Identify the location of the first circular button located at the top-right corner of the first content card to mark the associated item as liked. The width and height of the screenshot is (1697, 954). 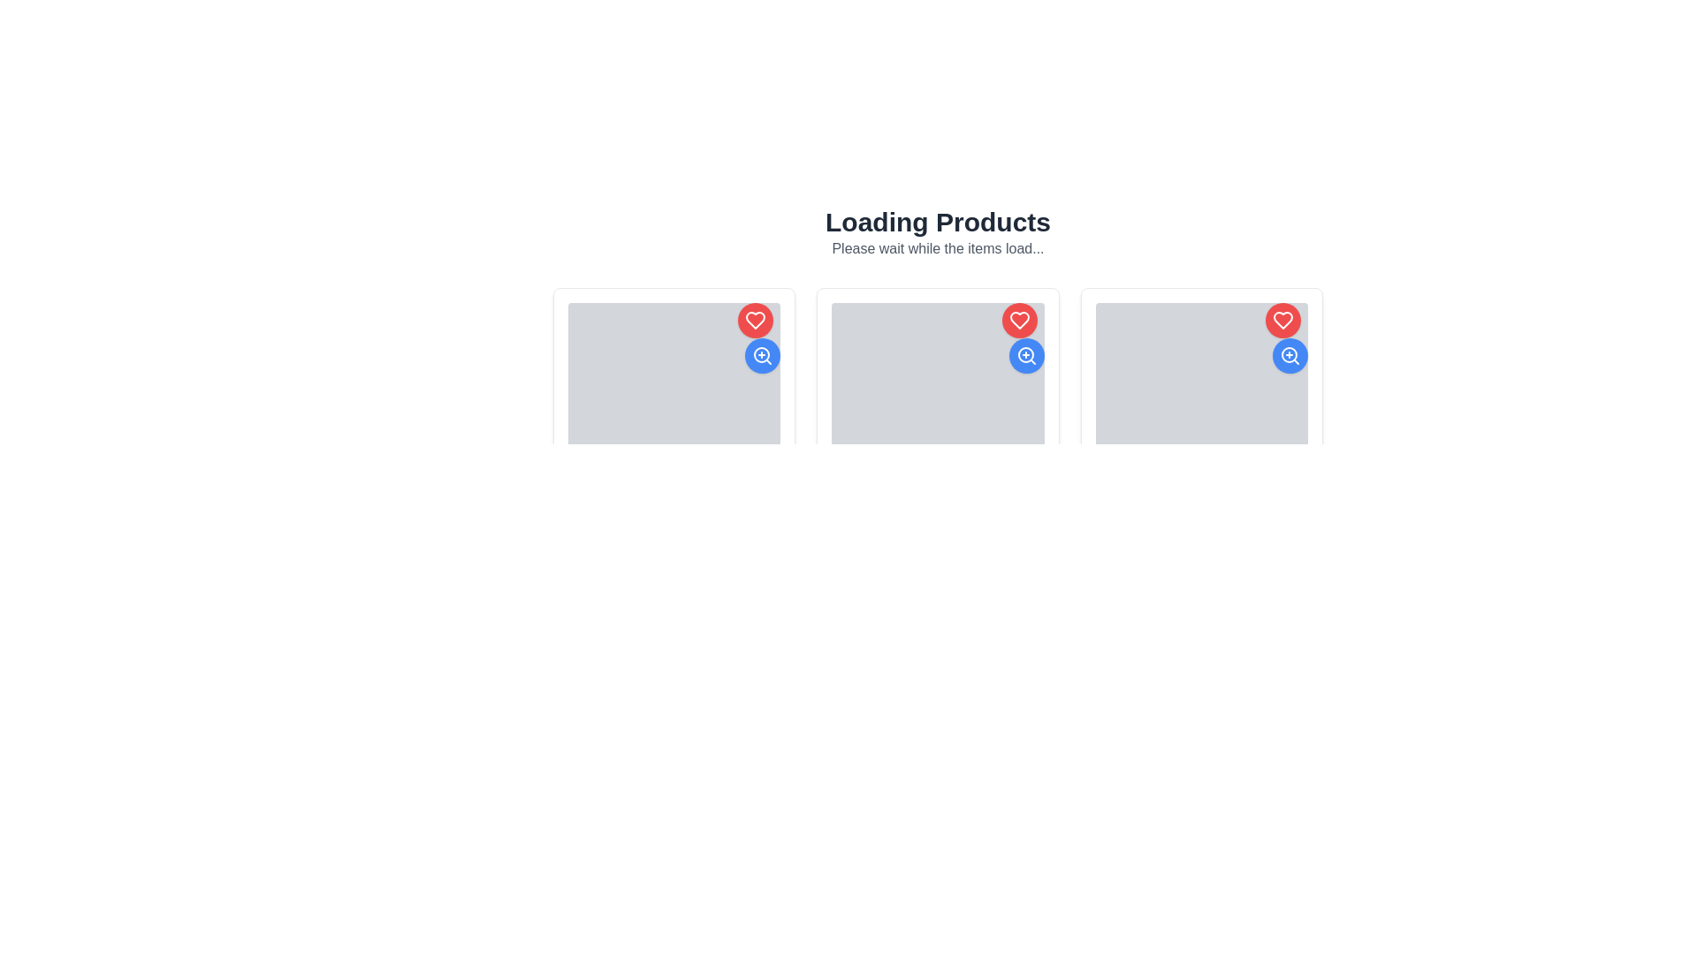
(756, 320).